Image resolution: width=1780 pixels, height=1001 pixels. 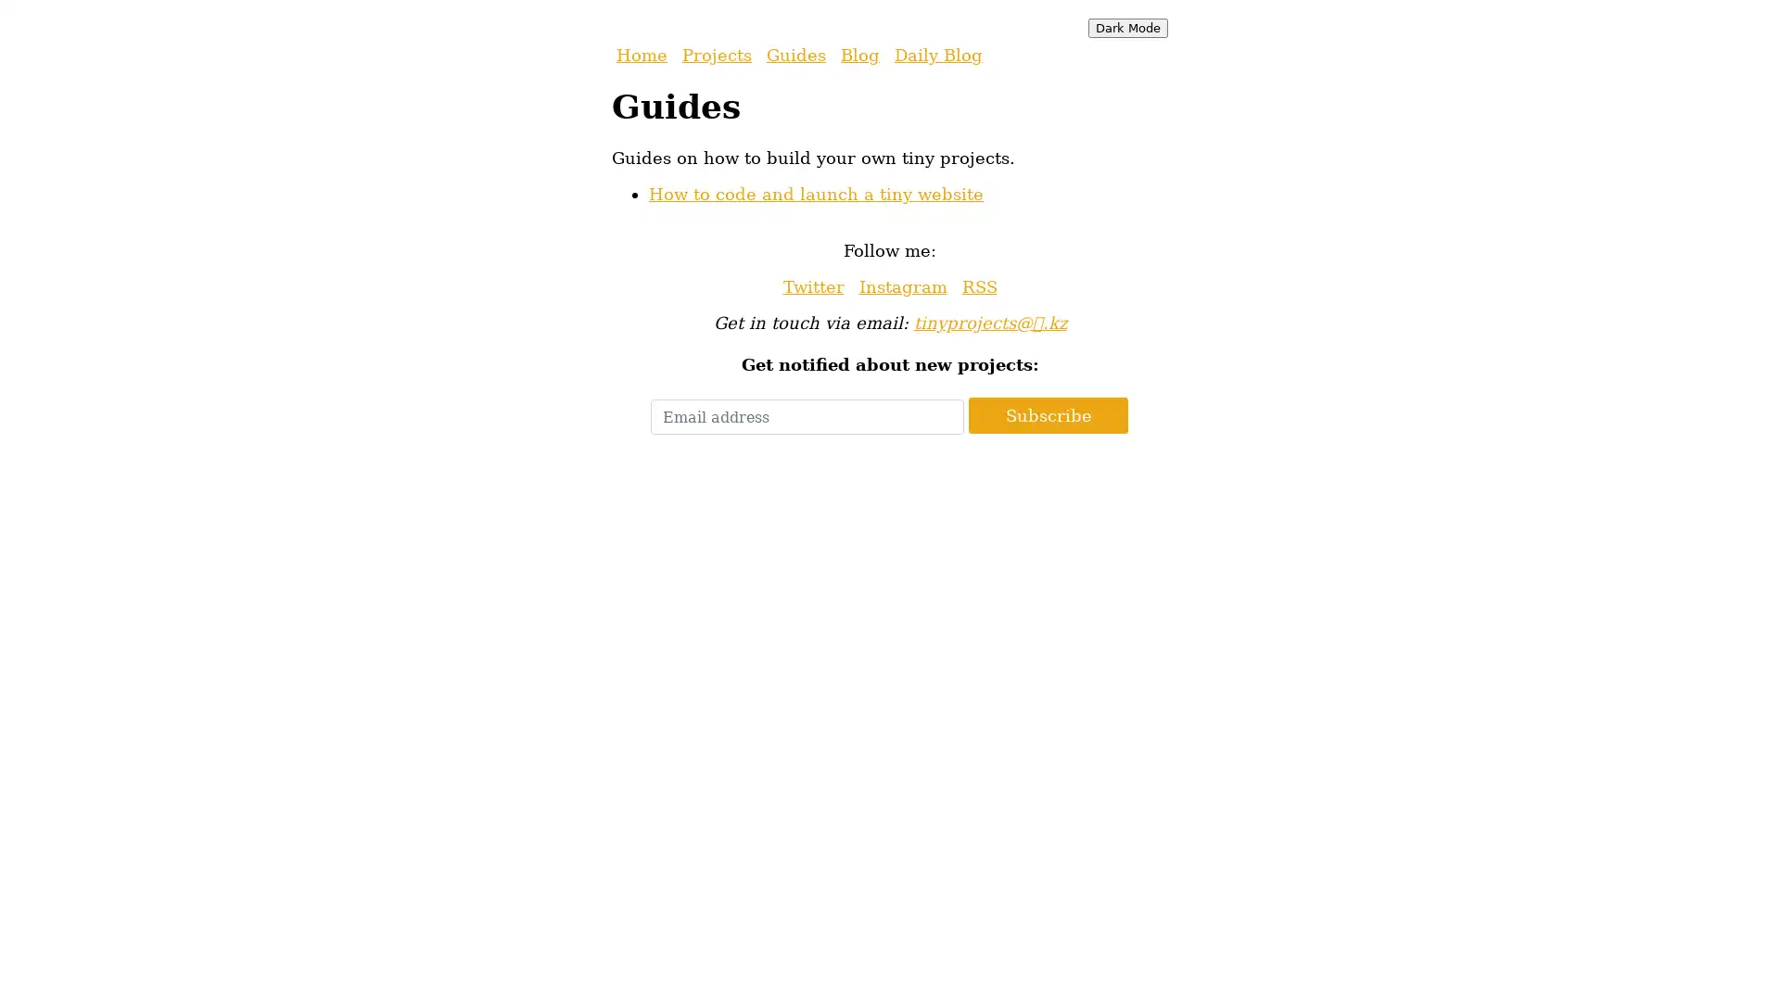 I want to click on Dark Mode, so click(x=1127, y=28).